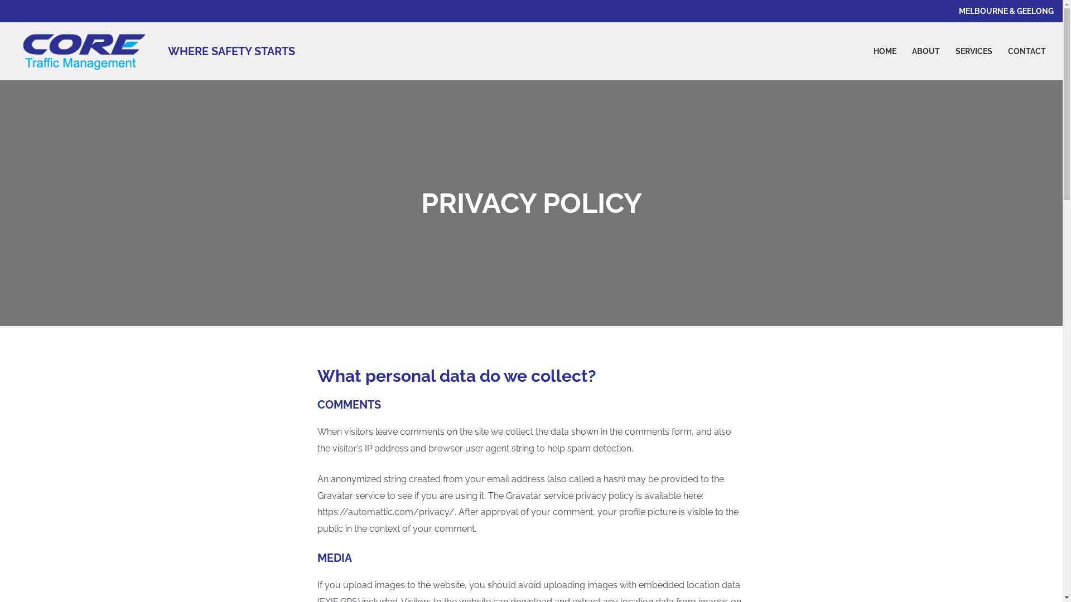  I want to click on 'ABOUT', so click(904, 51).